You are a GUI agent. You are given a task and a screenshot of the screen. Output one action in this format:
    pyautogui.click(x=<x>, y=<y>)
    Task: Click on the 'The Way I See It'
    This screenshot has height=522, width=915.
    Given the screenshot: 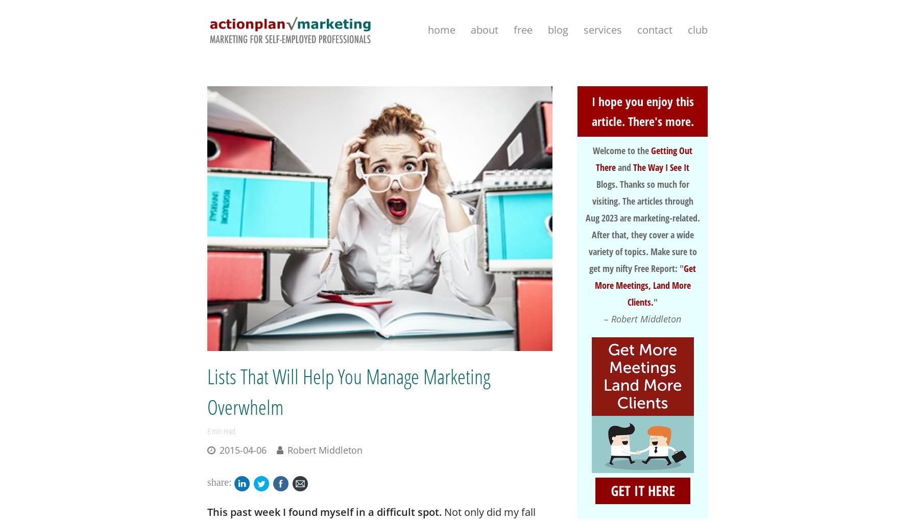 What is the action you would take?
    pyautogui.click(x=661, y=166)
    